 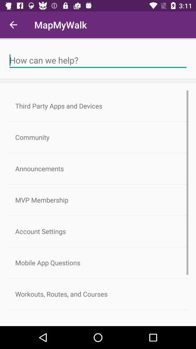 What do you see at coordinates (98, 262) in the screenshot?
I see `mobile app questions` at bounding box center [98, 262].